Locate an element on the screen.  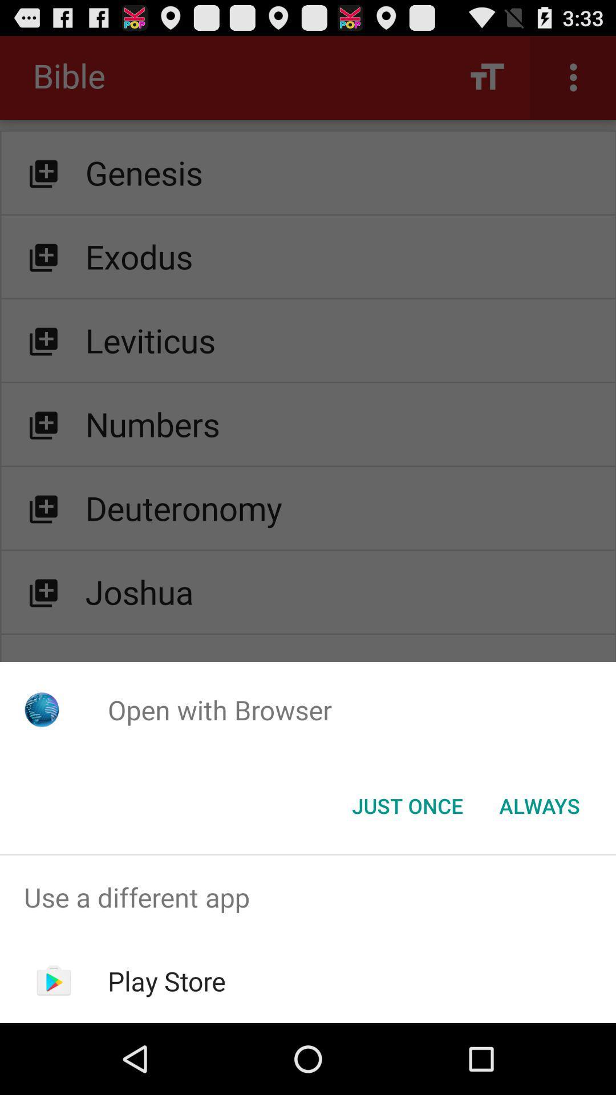
item below open with browser icon is located at coordinates (407, 805).